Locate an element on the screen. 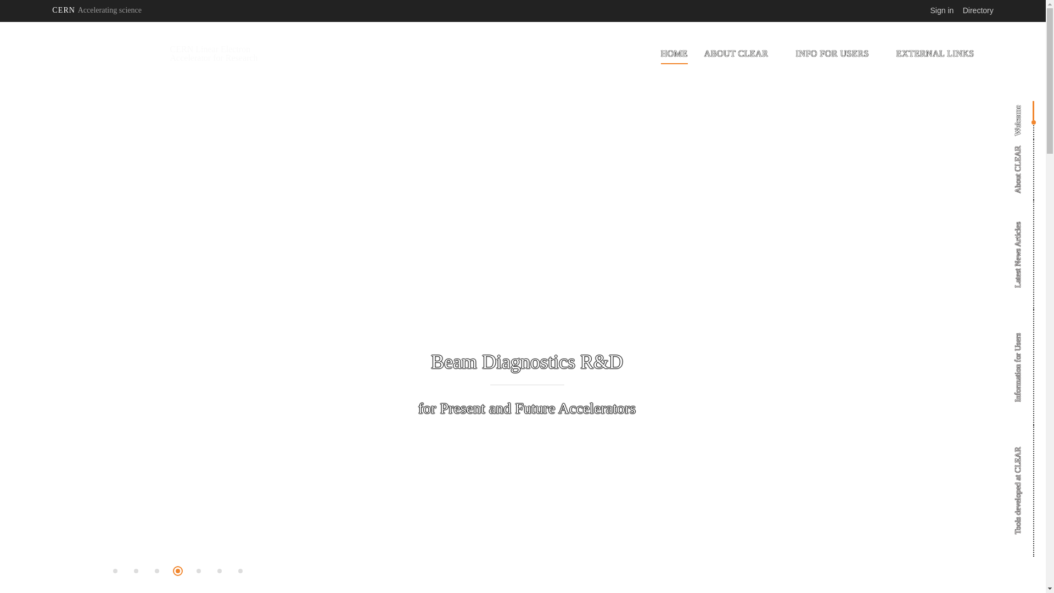 This screenshot has height=593, width=1054. 'Directory' is located at coordinates (958, 10).